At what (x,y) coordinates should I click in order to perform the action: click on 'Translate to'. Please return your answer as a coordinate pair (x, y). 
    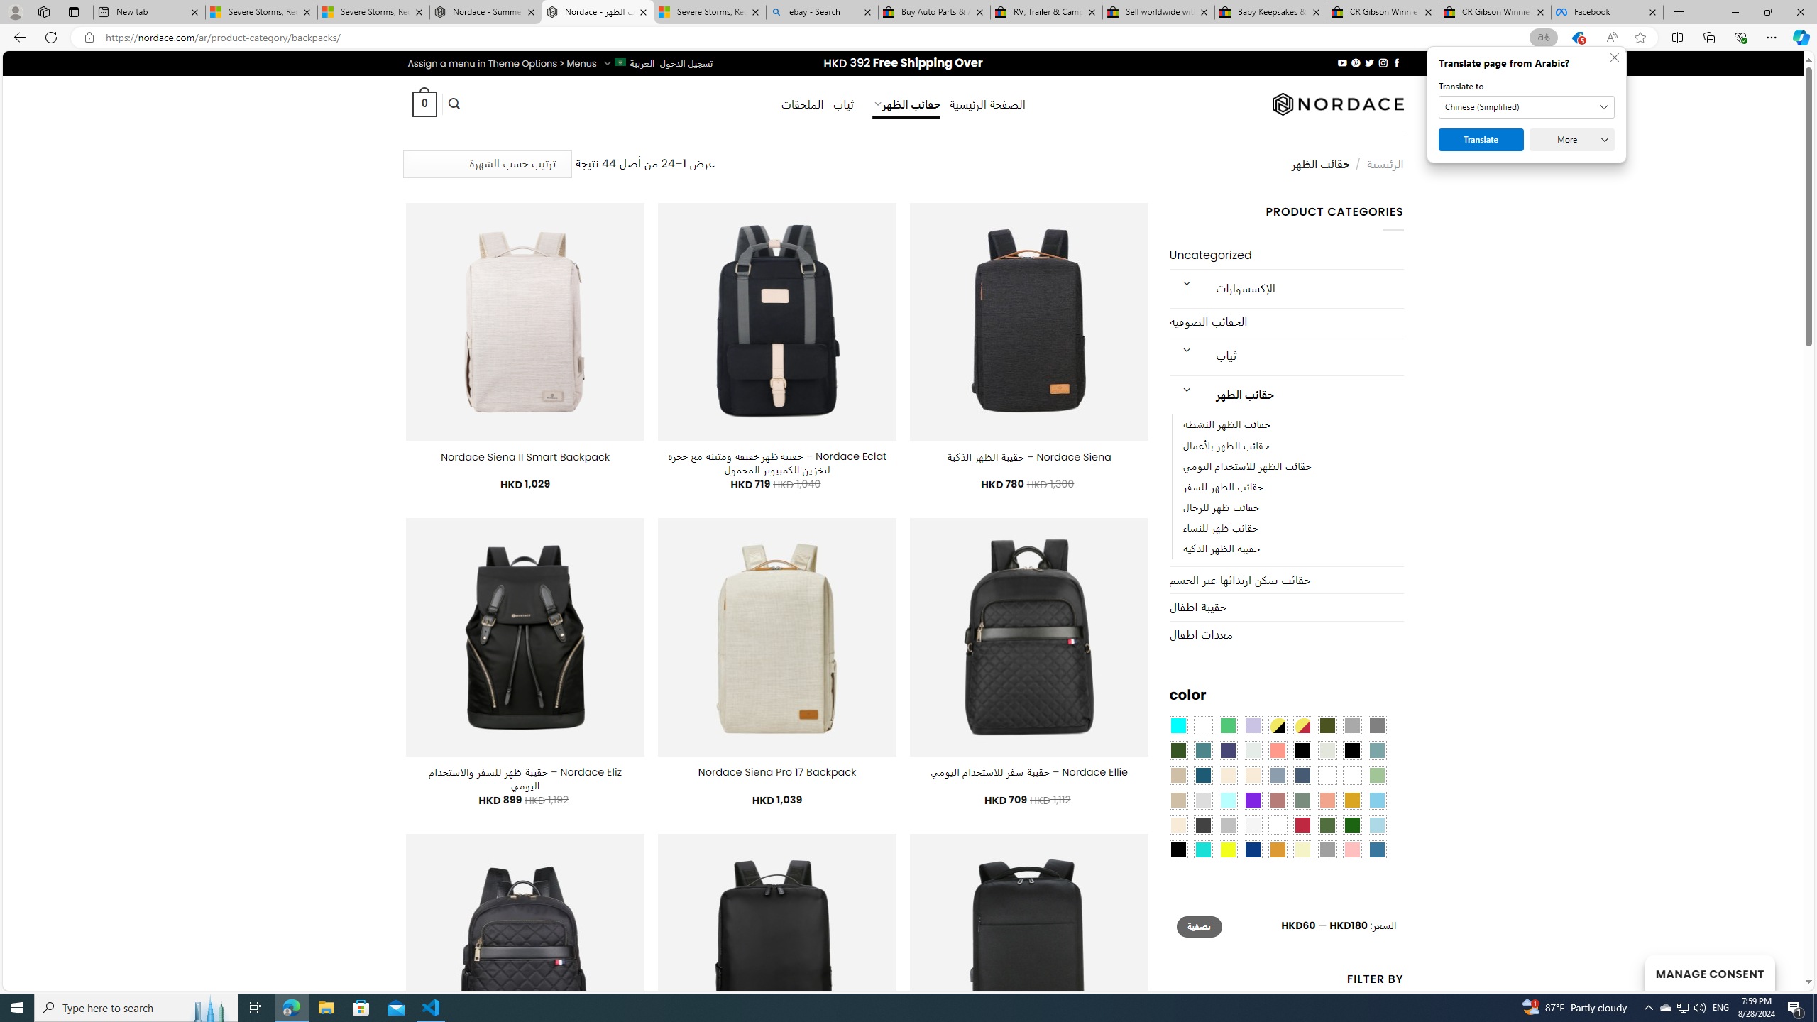
    Looking at the image, I should click on (1527, 106).